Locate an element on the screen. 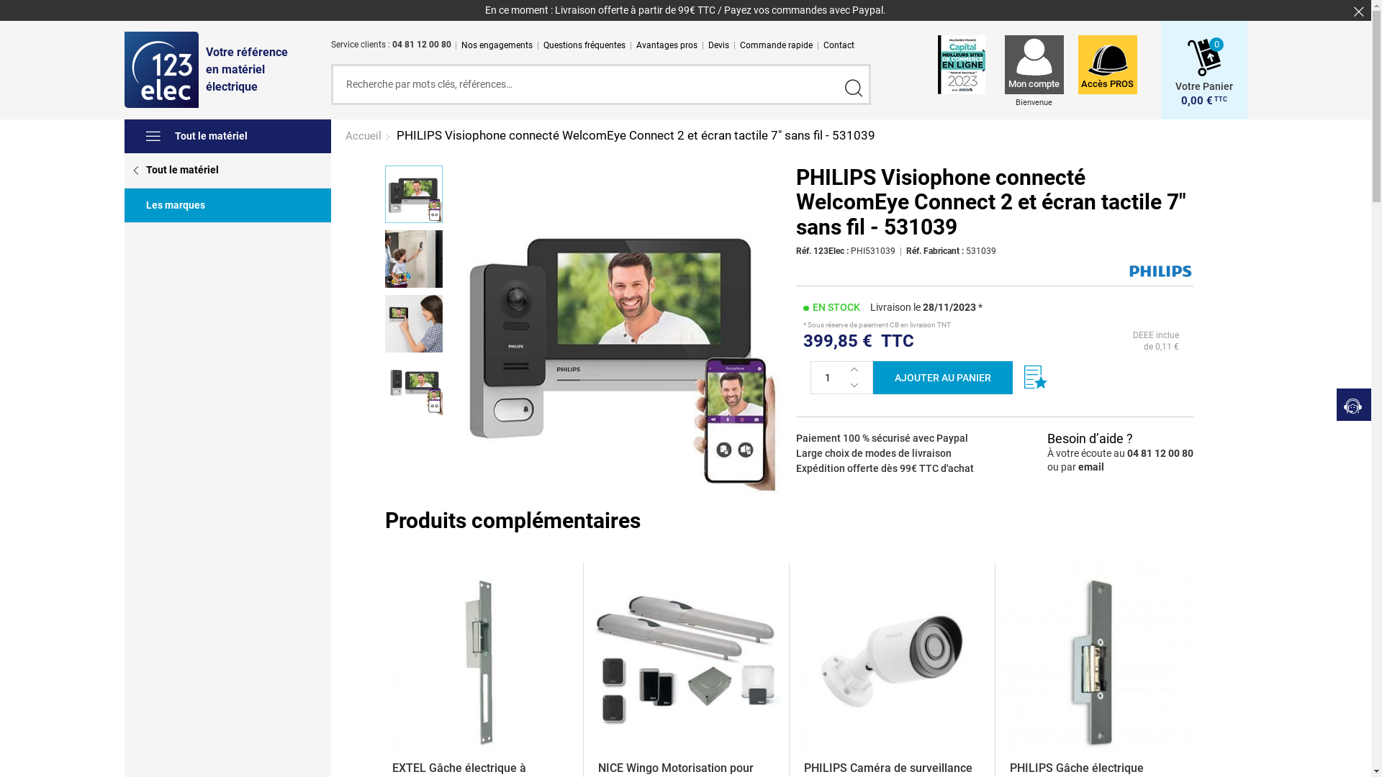 The width and height of the screenshot is (1382, 777). 'AJOUTER AU PANIER' is located at coordinates (872, 376).